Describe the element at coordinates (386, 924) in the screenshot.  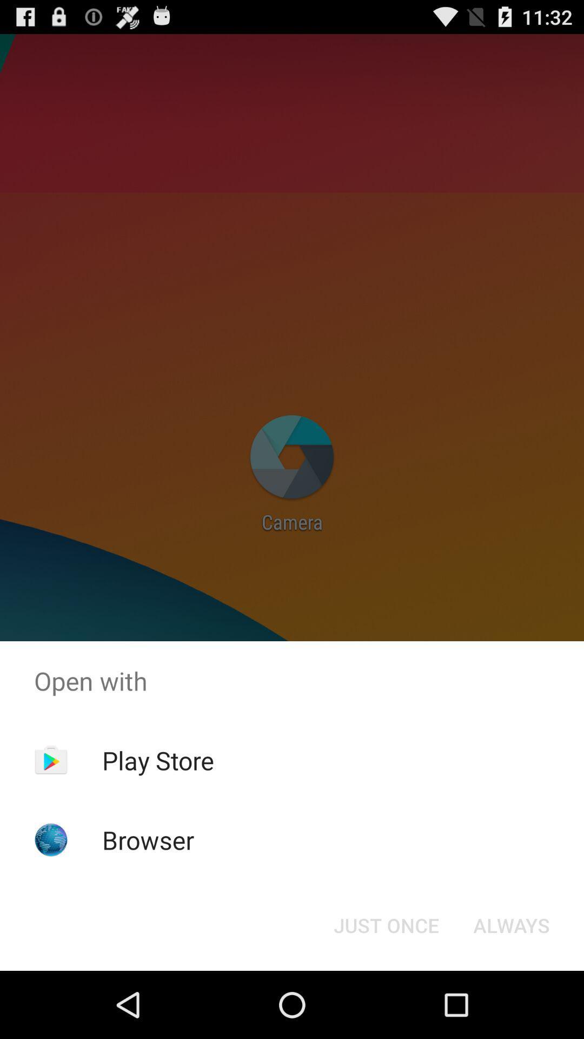
I see `the icon below the open with item` at that location.